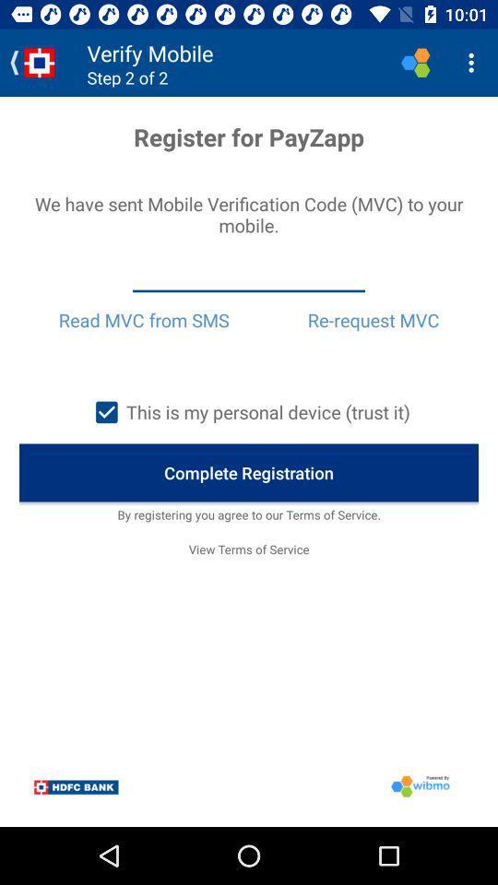  I want to click on re-request mvc icon, so click(373, 320).